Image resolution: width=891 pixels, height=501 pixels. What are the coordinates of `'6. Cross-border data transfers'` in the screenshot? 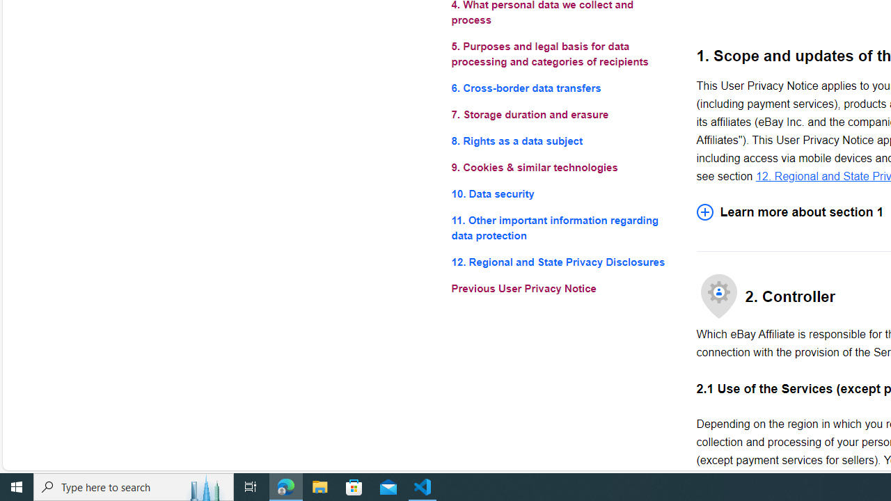 It's located at (562, 88).